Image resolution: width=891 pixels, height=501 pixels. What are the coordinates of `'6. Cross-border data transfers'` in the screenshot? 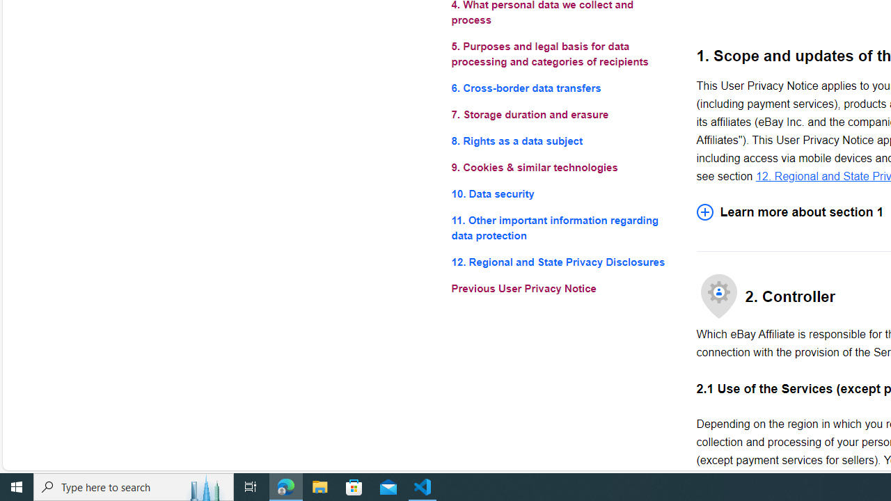 It's located at (562, 88).